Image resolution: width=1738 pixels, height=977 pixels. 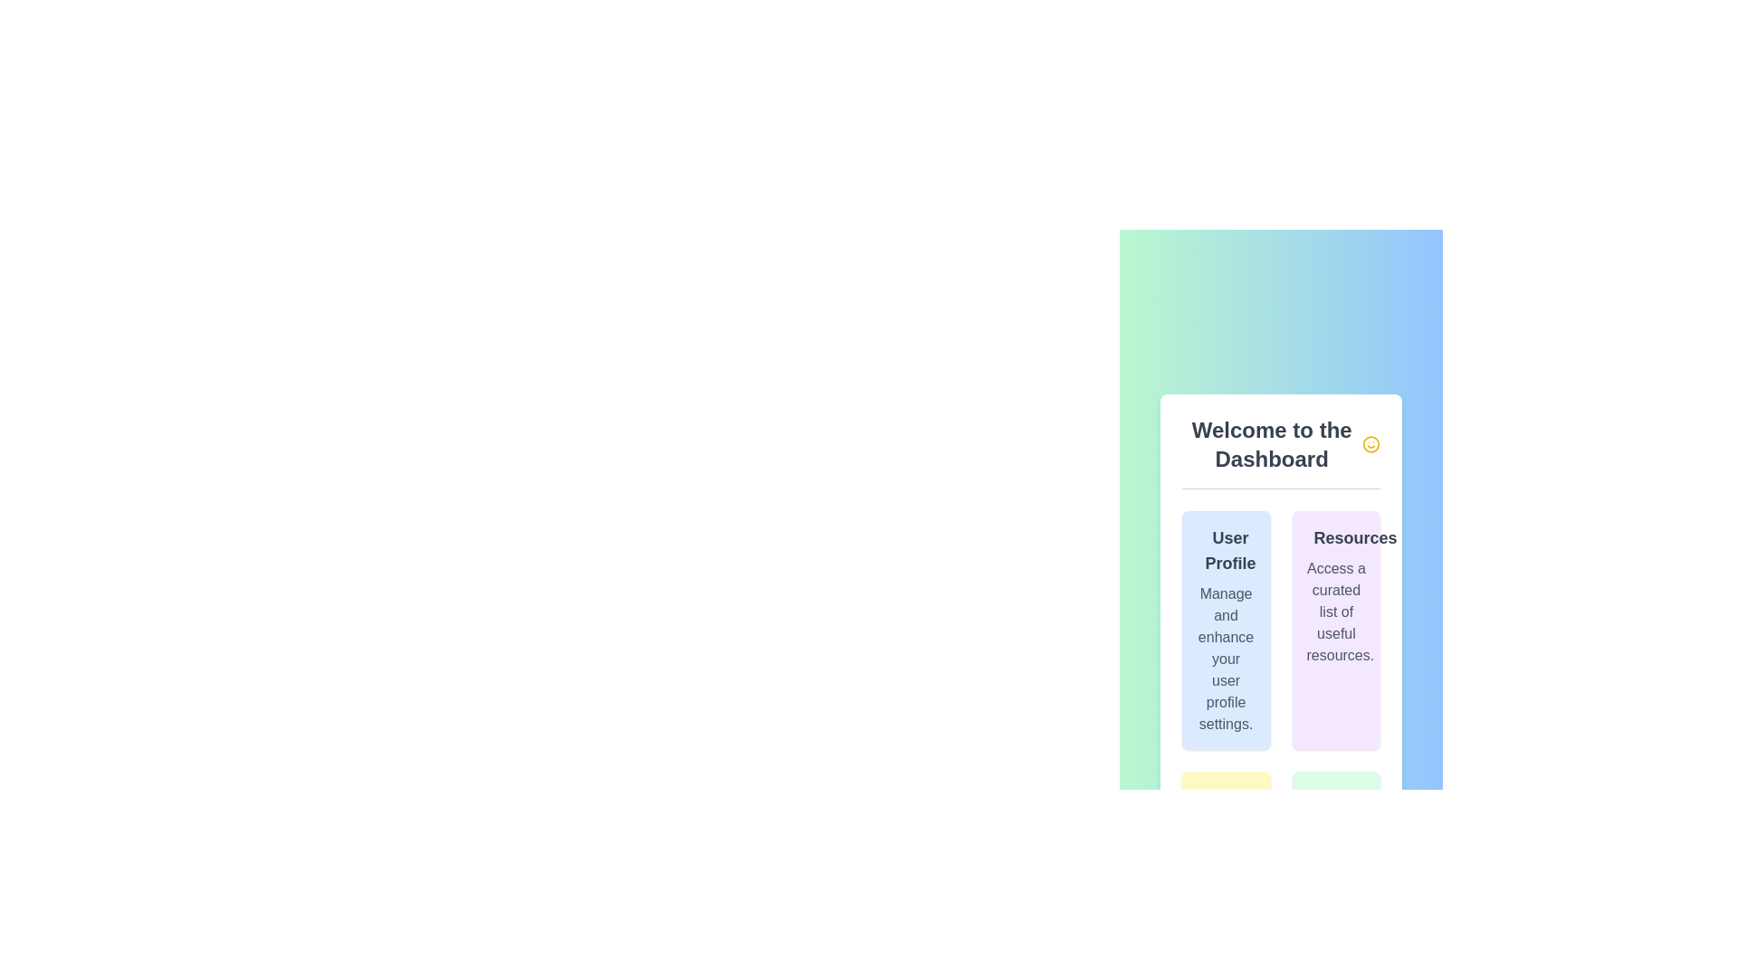 I want to click on informational card about managing user profile settings, which is the first card in a grid of four cards, located at the top-left corner next to the purple card titled 'Resources', so click(x=1226, y=629).